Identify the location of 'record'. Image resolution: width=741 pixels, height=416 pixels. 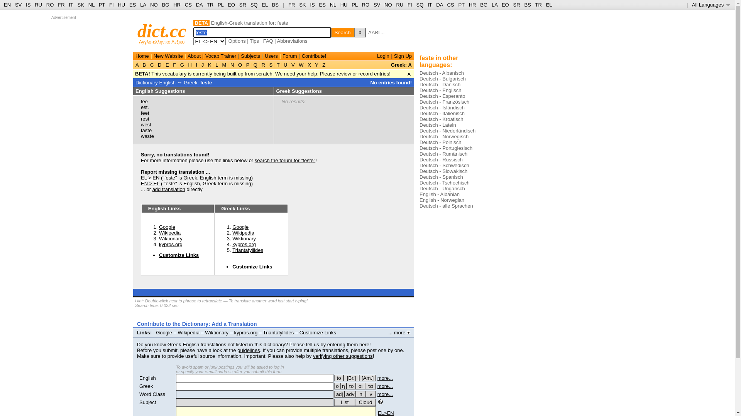
(365, 74).